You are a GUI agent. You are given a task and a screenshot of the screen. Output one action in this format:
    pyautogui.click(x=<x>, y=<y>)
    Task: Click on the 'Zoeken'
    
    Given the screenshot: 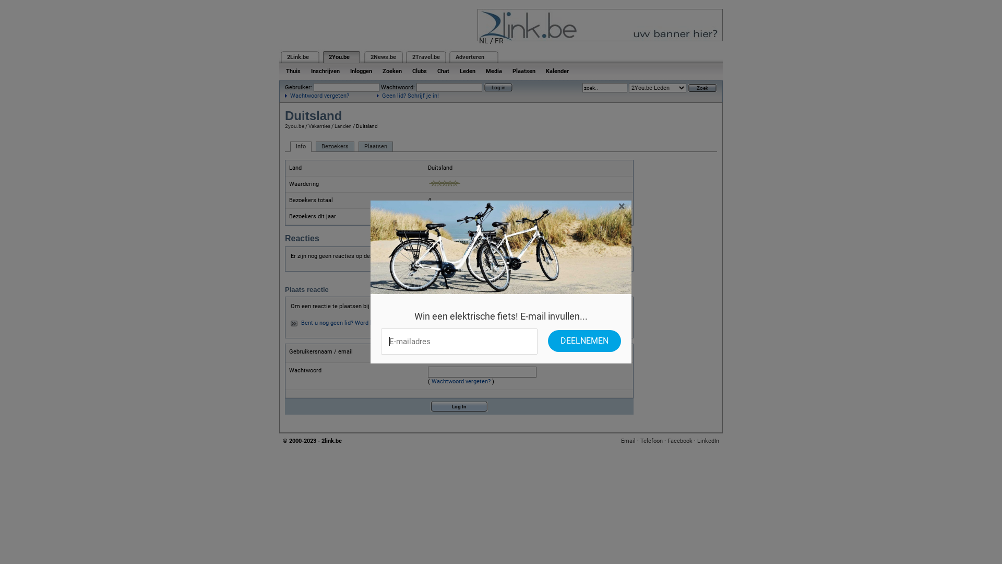 What is the action you would take?
    pyautogui.click(x=391, y=70)
    